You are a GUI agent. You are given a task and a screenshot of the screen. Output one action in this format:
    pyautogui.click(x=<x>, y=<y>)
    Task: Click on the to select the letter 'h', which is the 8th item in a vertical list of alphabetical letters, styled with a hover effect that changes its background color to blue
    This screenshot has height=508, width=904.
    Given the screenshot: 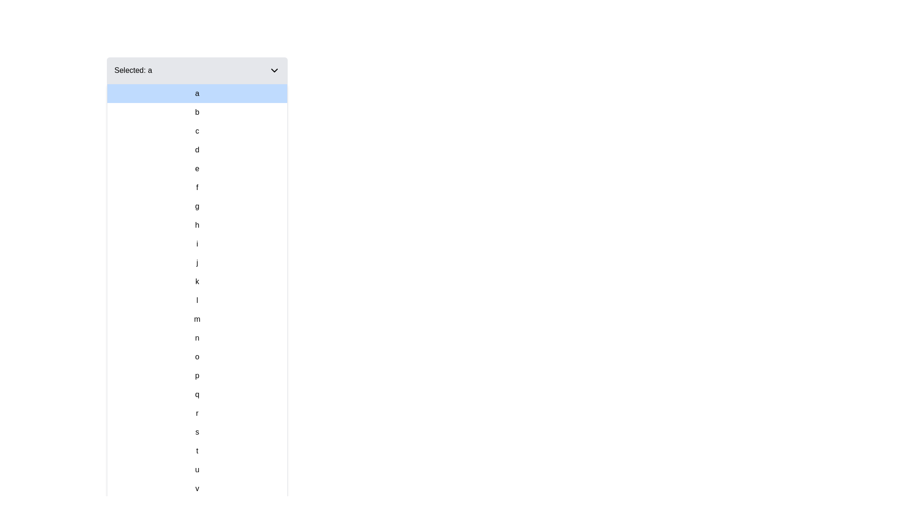 What is the action you would take?
    pyautogui.click(x=196, y=225)
    